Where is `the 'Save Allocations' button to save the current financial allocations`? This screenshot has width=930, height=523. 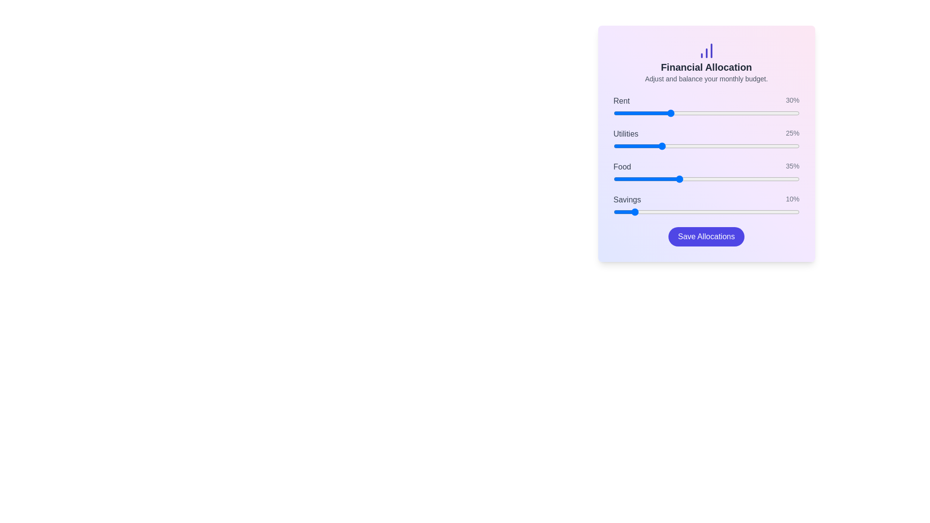
the 'Save Allocations' button to save the current financial allocations is located at coordinates (706, 237).